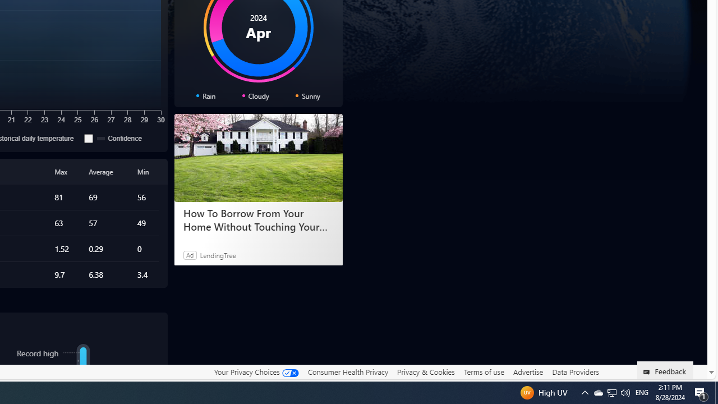 This screenshot has width=718, height=404. Describe the element at coordinates (425, 372) in the screenshot. I see `'Privacy & Cookies'` at that location.